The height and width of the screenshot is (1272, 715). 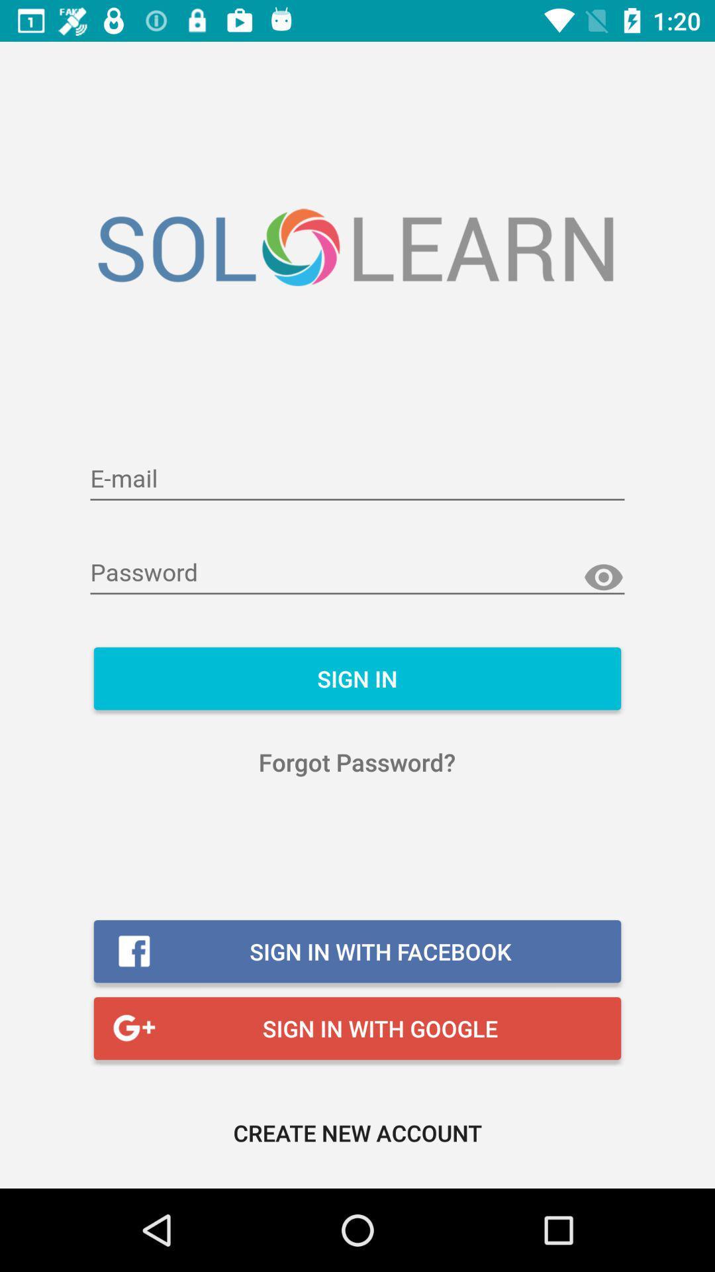 I want to click on create new account item, so click(x=358, y=1132).